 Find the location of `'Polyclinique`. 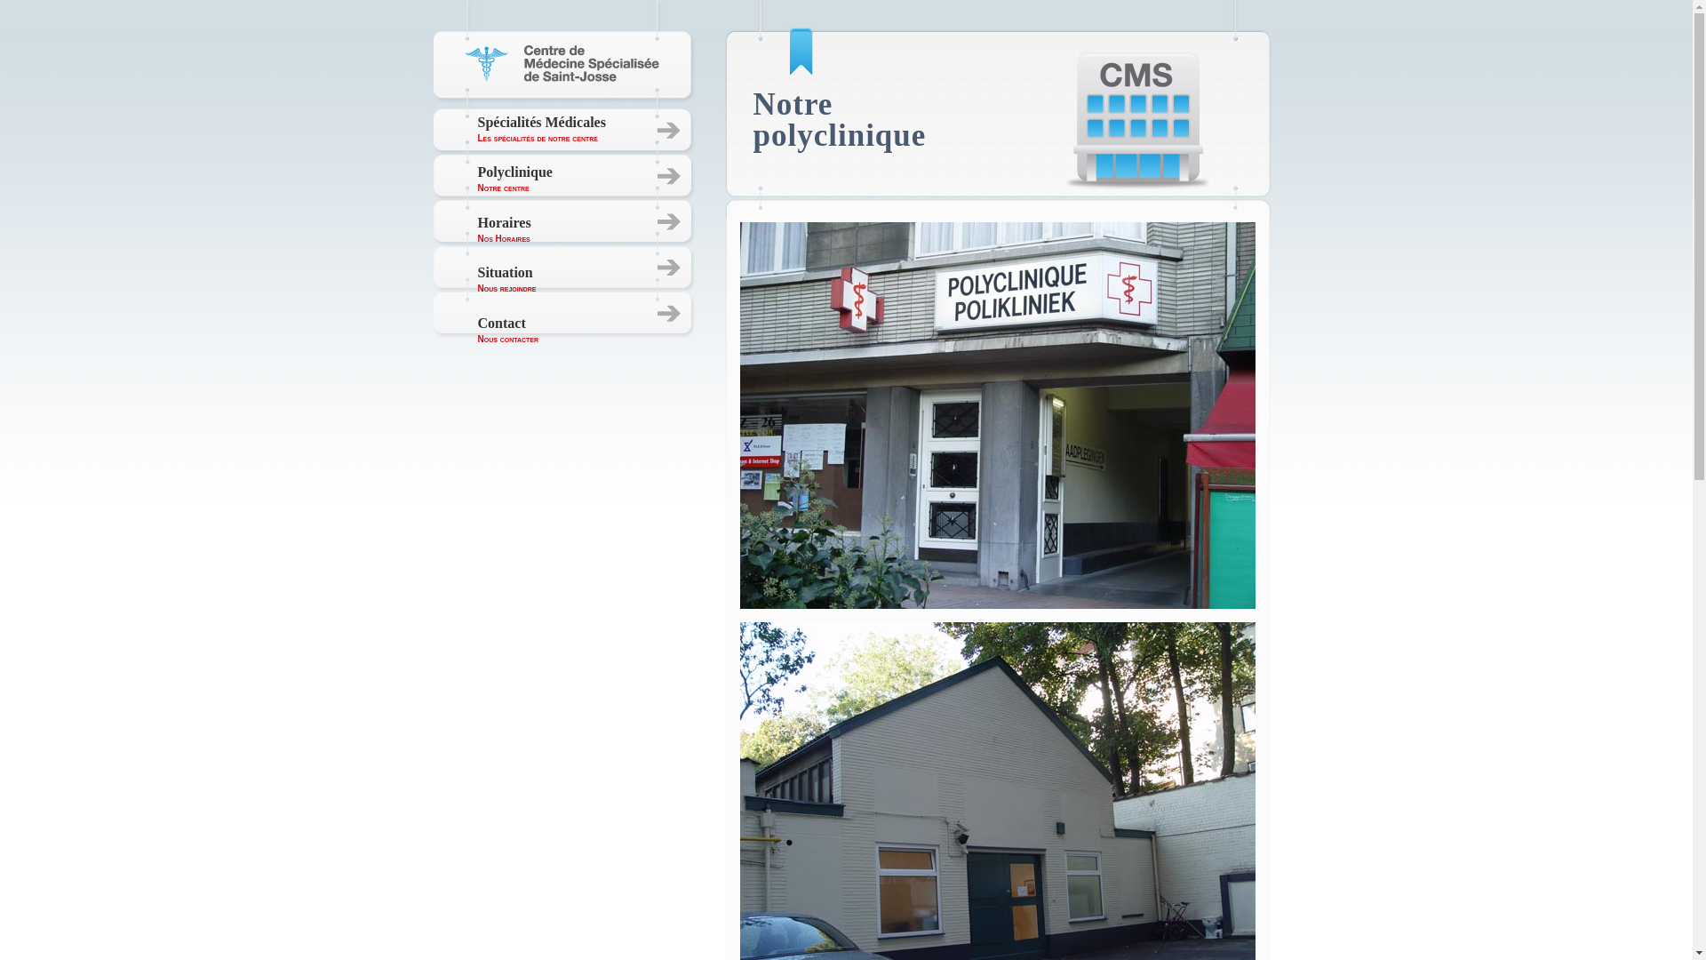

'Polyclinique is located at coordinates (477, 179).